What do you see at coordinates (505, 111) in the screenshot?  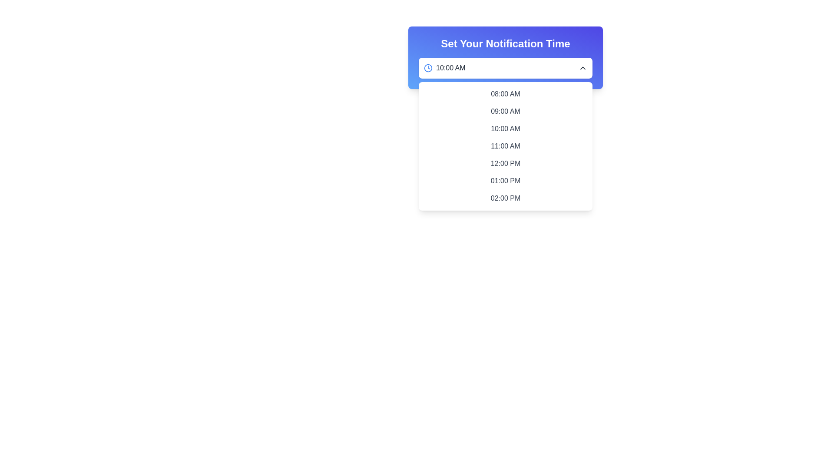 I see `the dropdown menu item displaying '09:00 AM'` at bounding box center [505, 111].